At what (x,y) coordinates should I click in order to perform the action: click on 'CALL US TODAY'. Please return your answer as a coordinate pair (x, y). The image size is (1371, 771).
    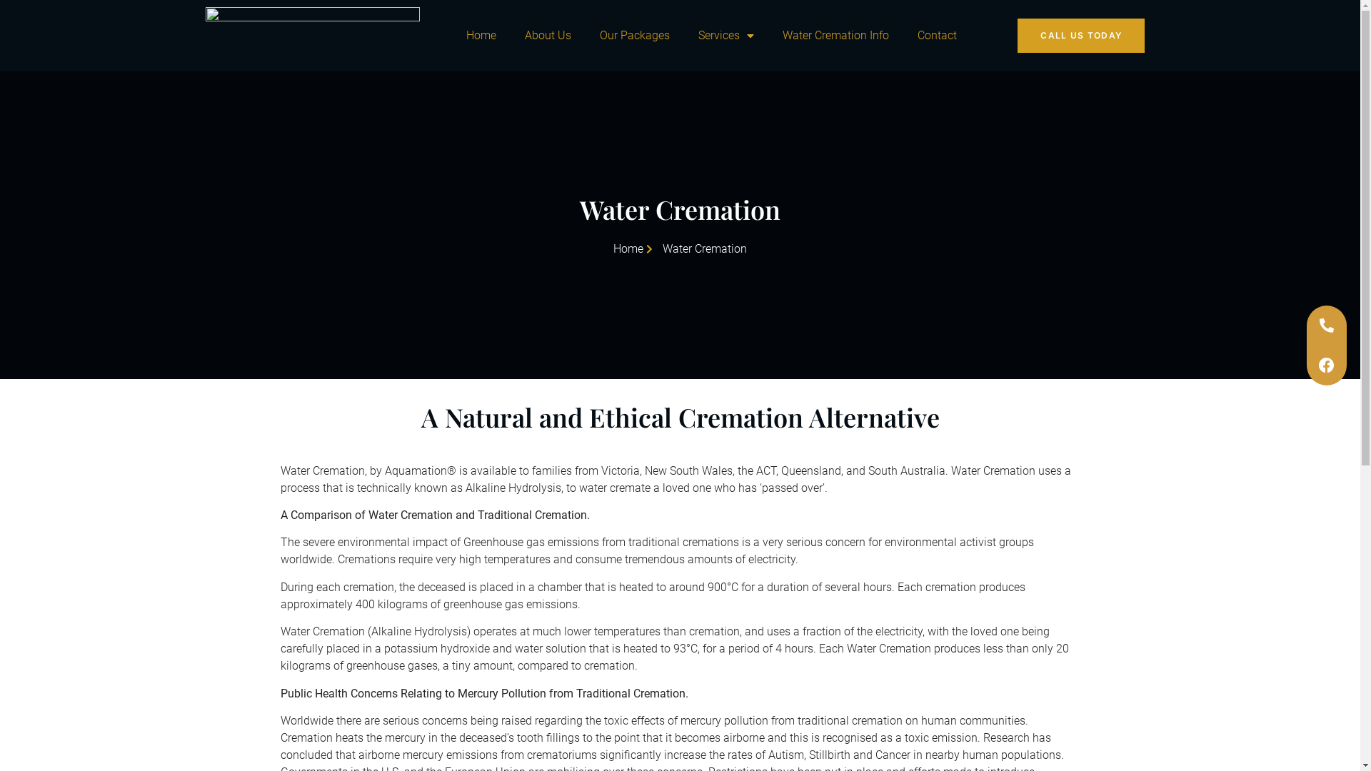
    Looking at the image, I should click on (1080, 35).